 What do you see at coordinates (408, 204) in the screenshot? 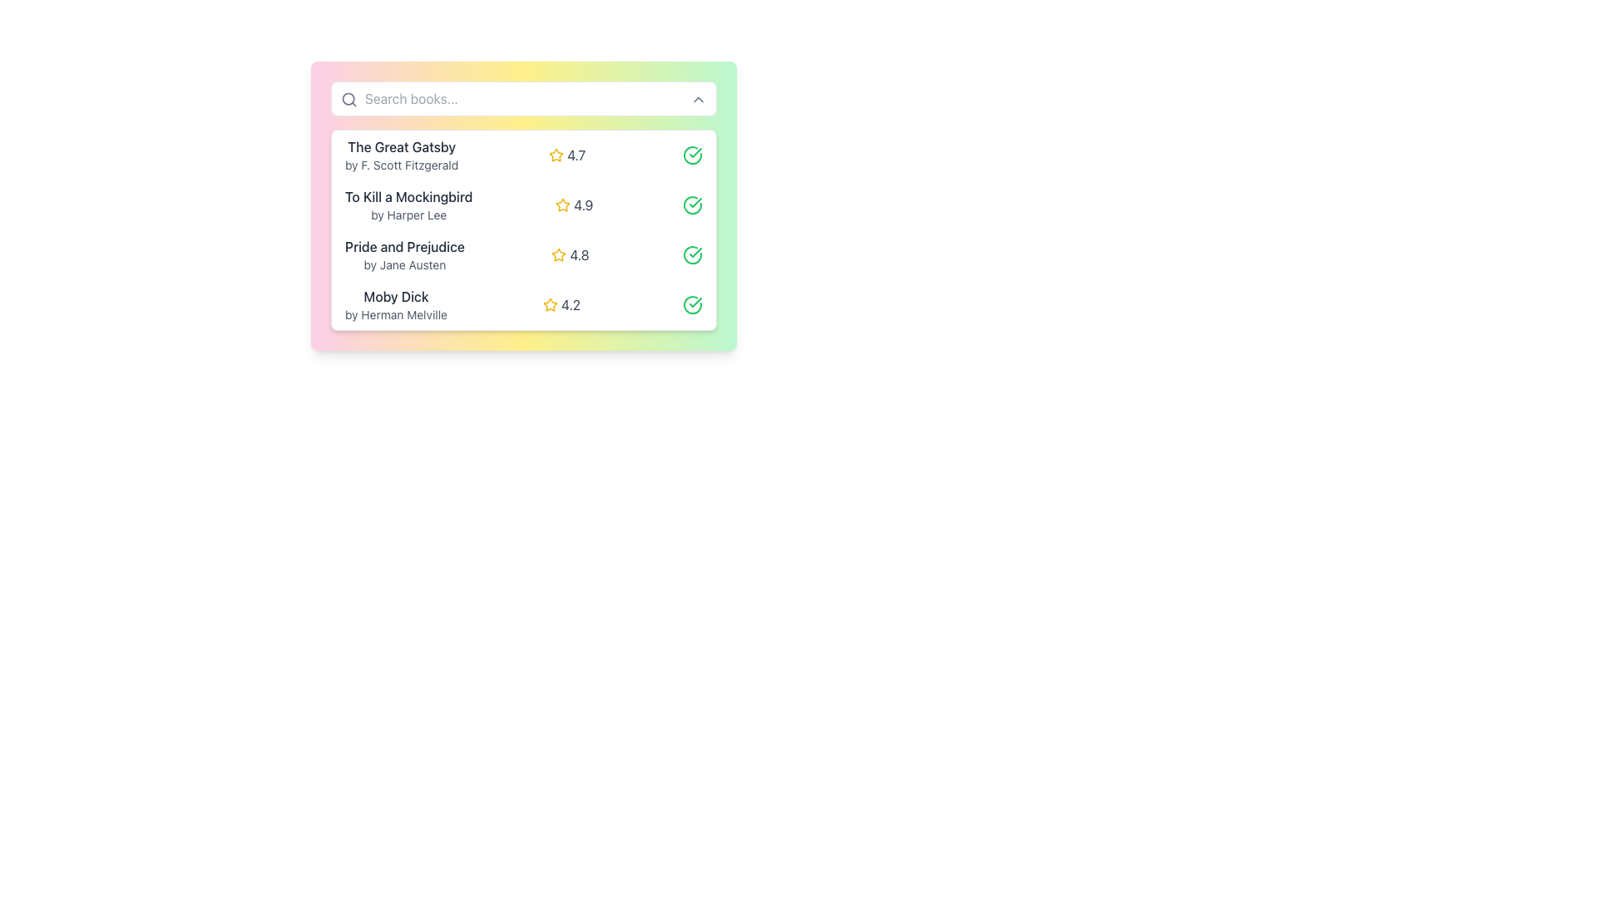
I see `the Text Display that shows the title and author of 'To Kill a Mockingbird' by Harper Lee, which is the second item in the list of book entries` at bounding box center [408, 204].